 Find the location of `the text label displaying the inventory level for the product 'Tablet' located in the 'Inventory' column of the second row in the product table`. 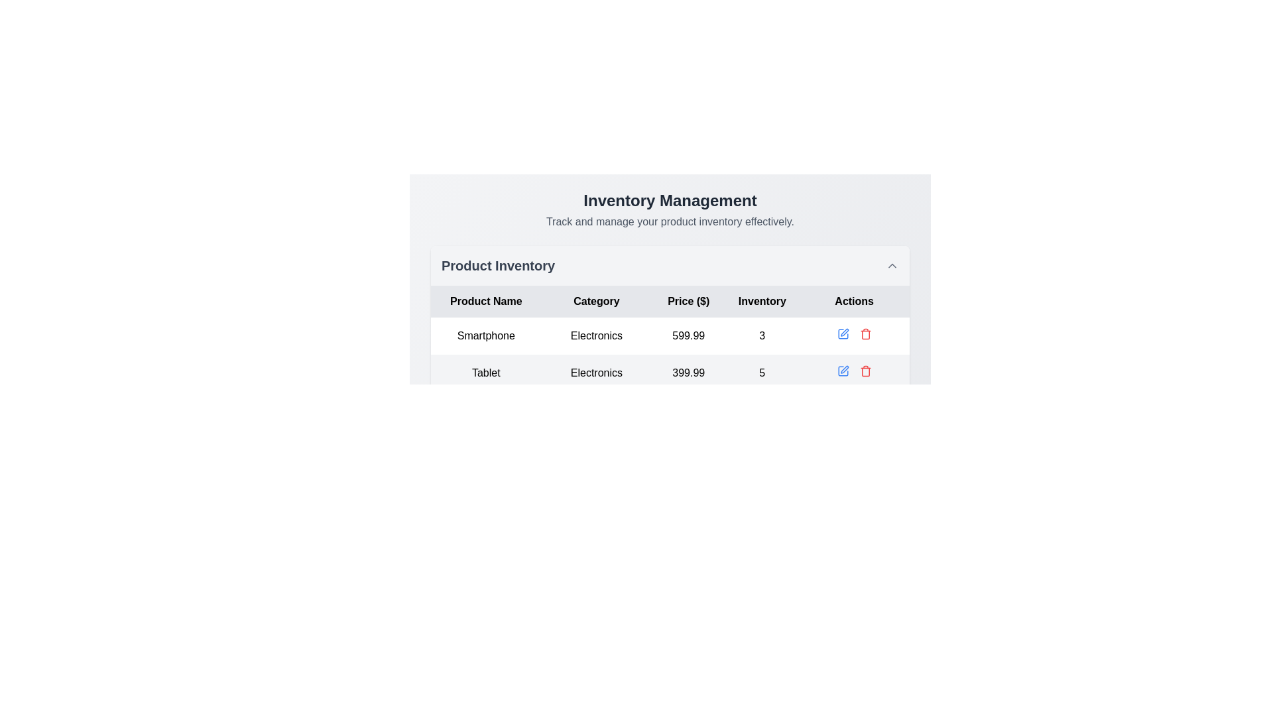

the text label displaying the inventory level for the product 'Tablet' located in the 'Inventory' column of the second row in the product table is located at coordinates (762, 373).